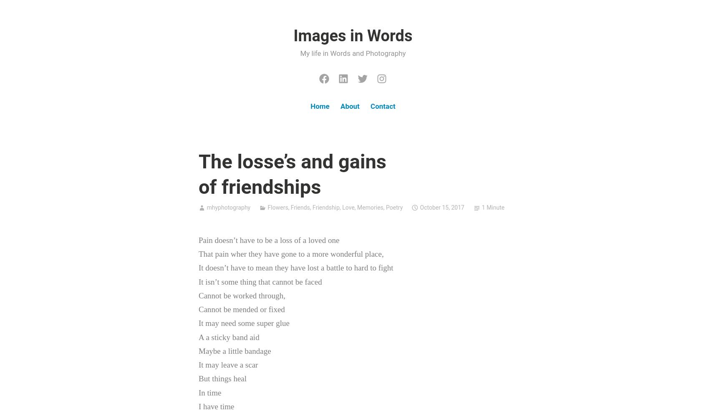 This screenshot has height=413, width=706. I want to click on 'Images in Words', so click(353, 35).